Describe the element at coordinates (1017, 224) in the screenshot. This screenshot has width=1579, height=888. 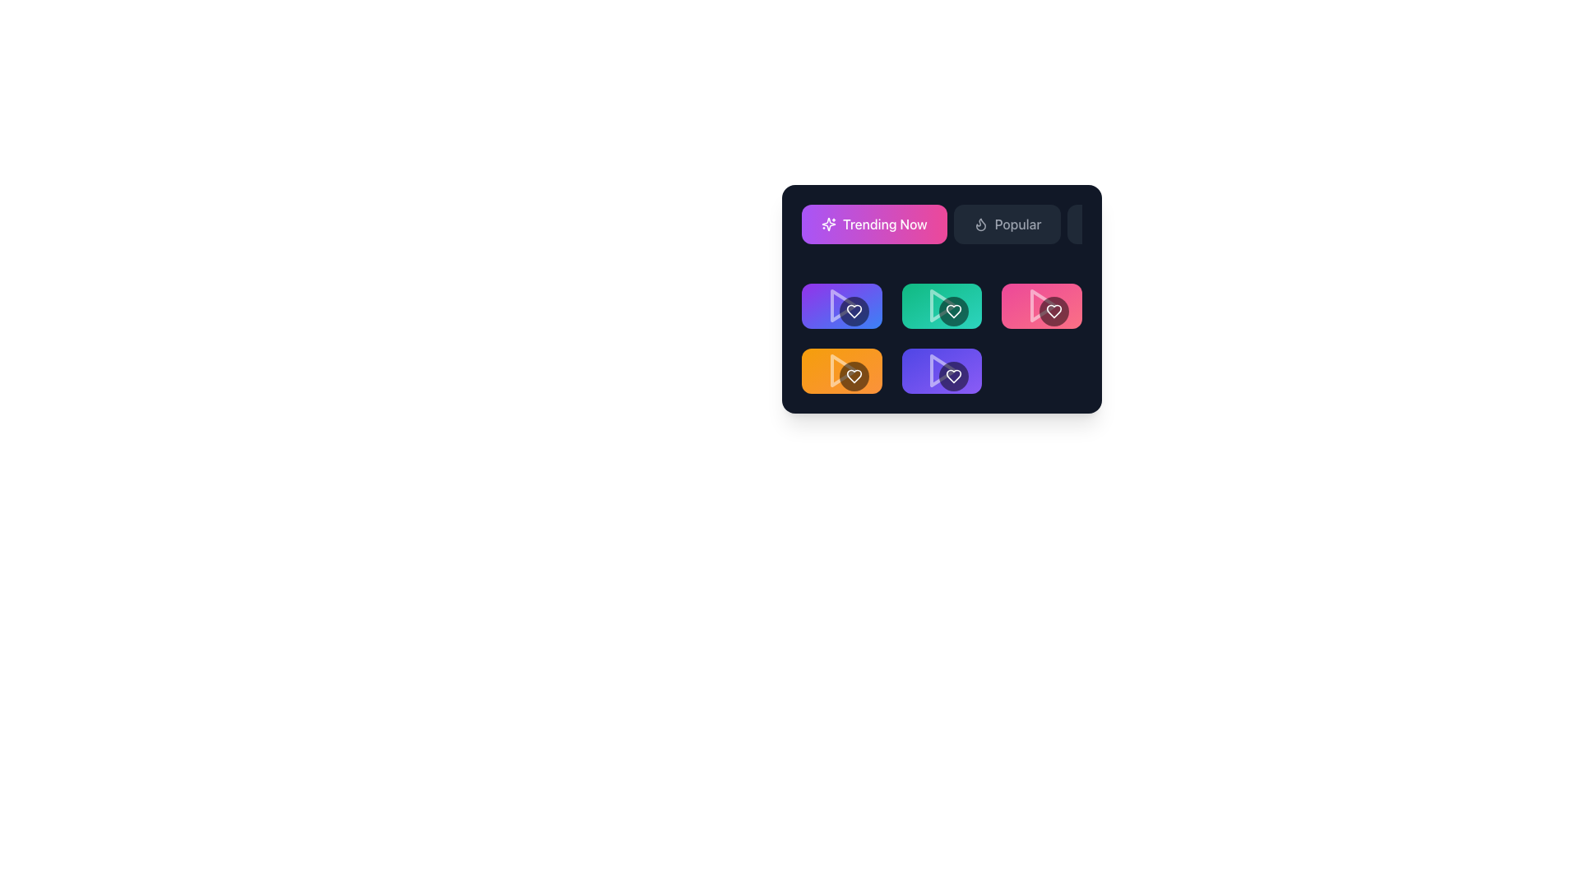
I see `the 'Popular' label within the navigation button` at that location.